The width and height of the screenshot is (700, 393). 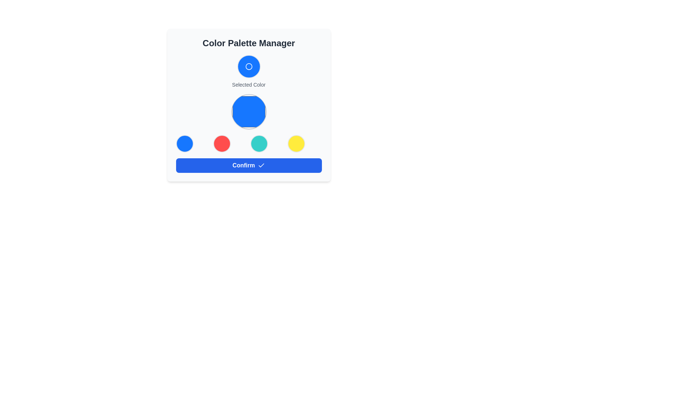 I want to click on the circular color selector buttons in the Color Palette Manager, so click(x=249, y=143).